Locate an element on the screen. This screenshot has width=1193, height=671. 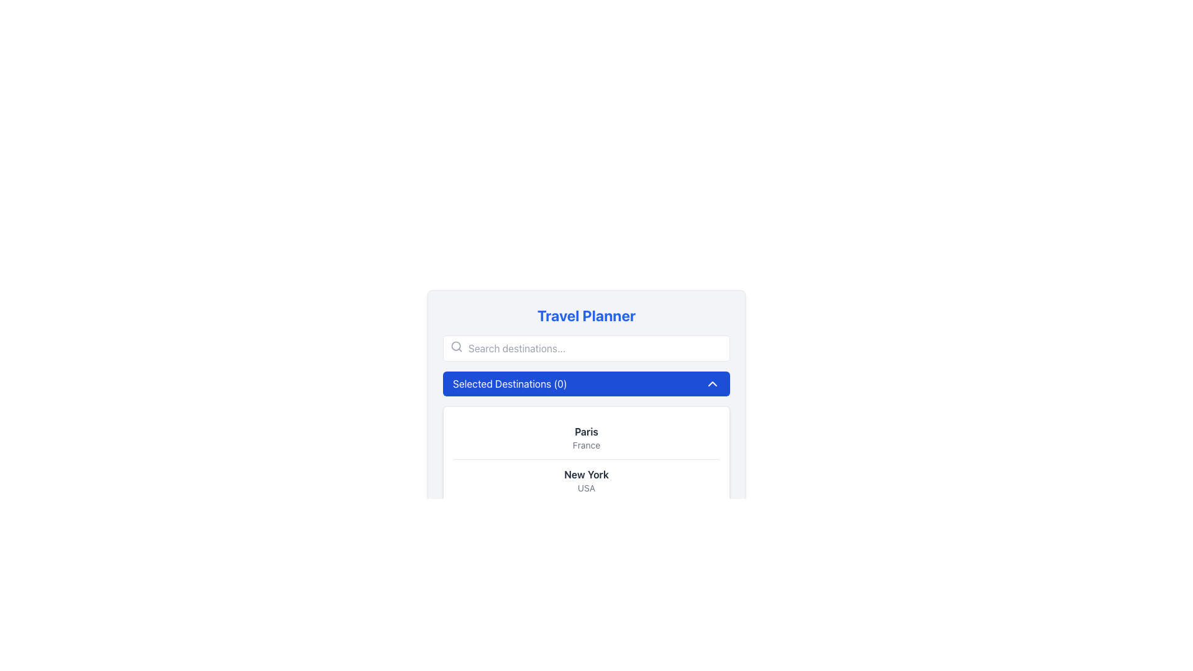
the collapsible icon located at the top-right of the 'Selected Destinations (0)' button to interact with it is located at coordinates (713, 383).